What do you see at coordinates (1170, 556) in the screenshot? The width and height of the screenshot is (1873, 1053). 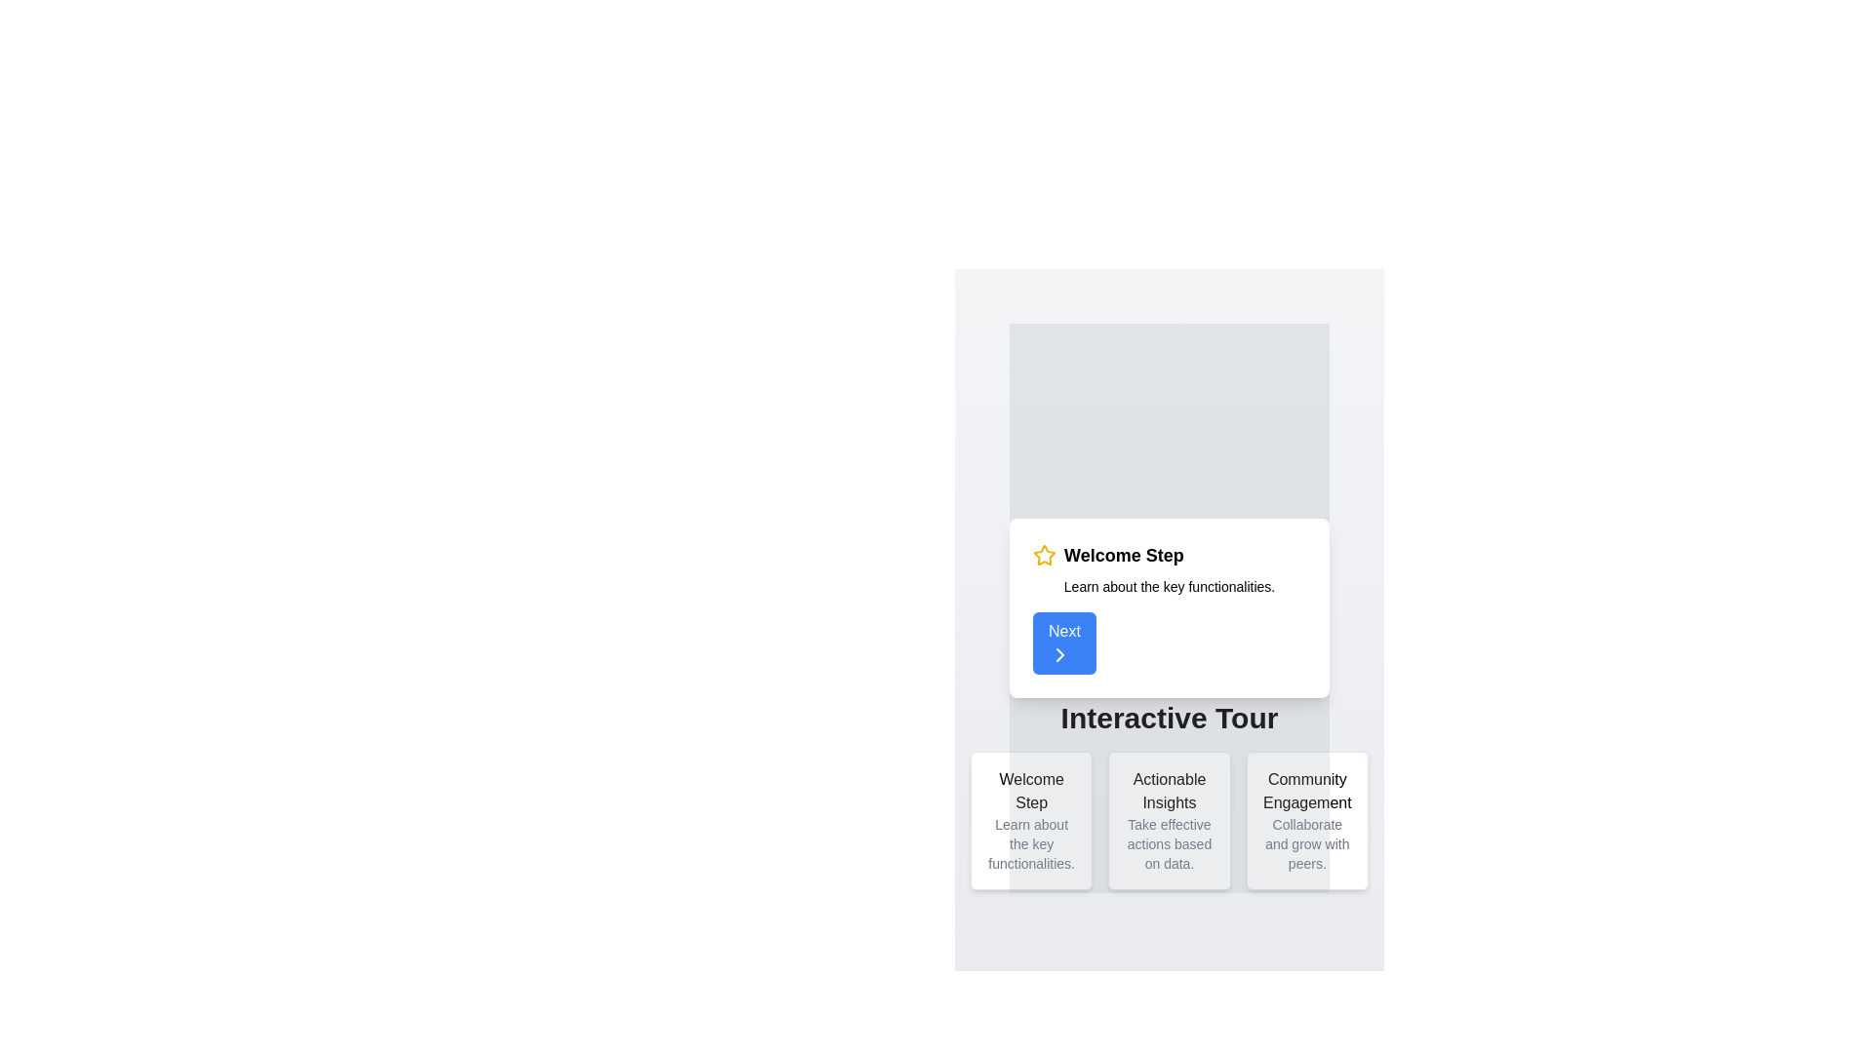 I see `the information presented in the header text with icon, which serves as a title for the tutorial step` at bounding box center [1170, 556].